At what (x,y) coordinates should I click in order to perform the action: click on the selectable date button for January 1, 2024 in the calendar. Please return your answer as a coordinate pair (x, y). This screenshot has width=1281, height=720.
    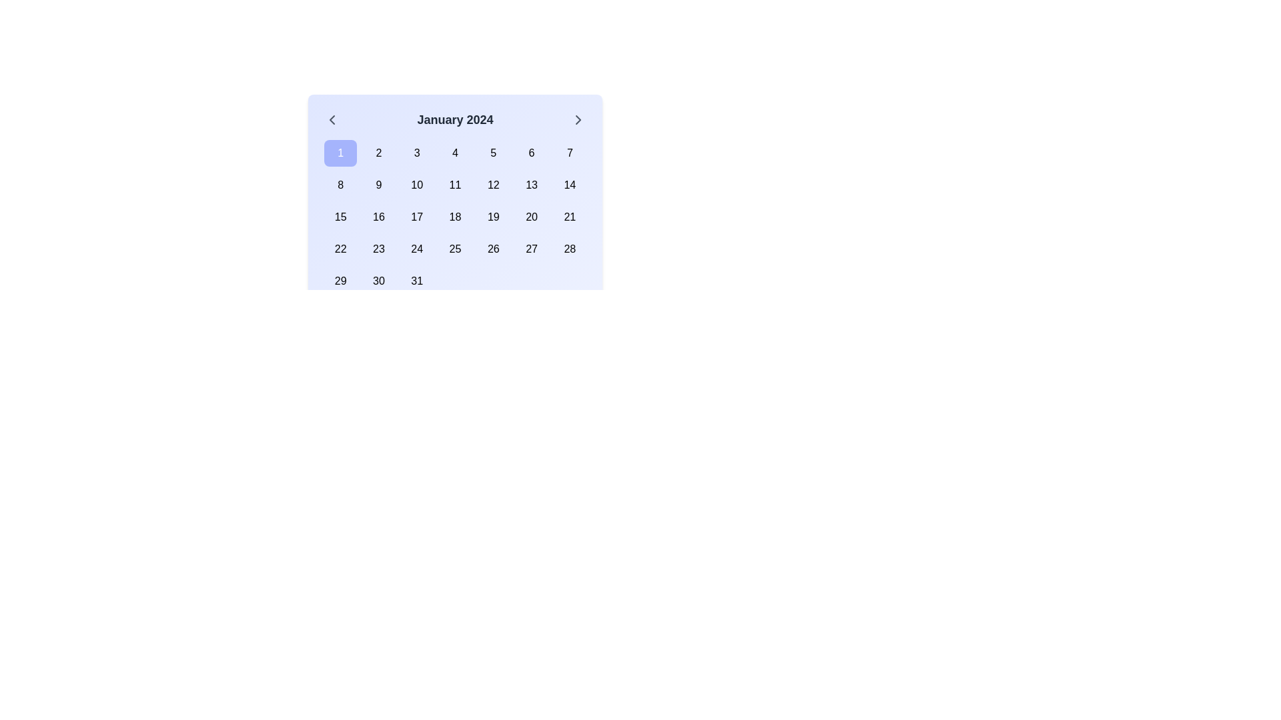
    Looking at the image, I should click on (340, 153).